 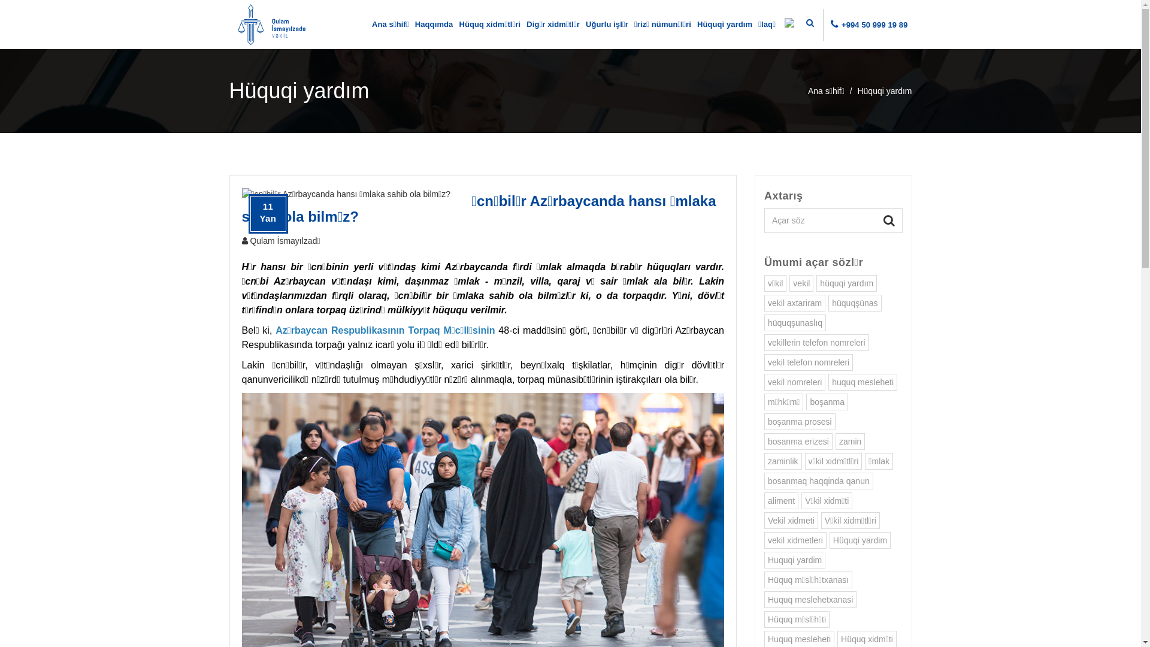 What do you see at coordinates (810, 600) in the screenshot?
I see `'Huquq meslehetxanasi'` at bounding box center [810, 600].